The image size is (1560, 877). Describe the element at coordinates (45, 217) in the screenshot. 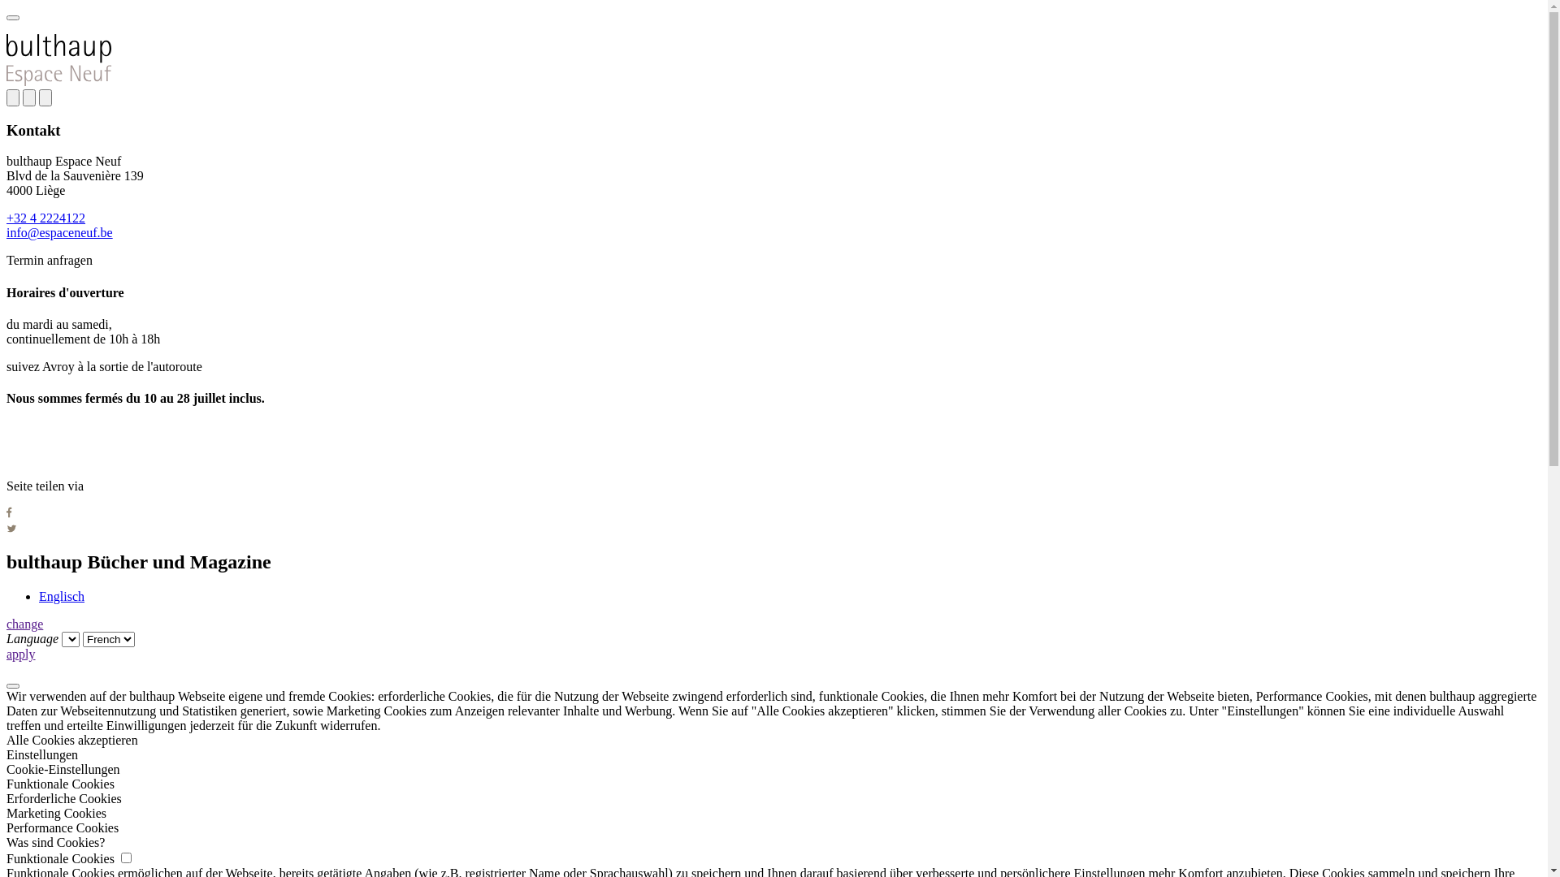

I see `'+32 4 2224122'` at that location.